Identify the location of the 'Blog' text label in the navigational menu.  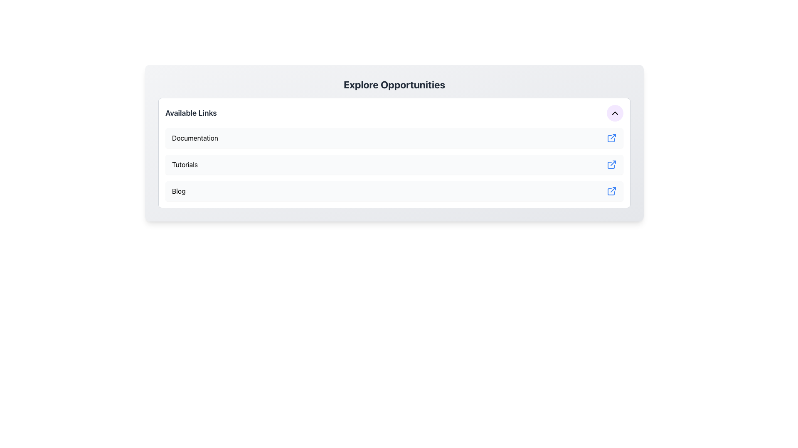
(178, 191).